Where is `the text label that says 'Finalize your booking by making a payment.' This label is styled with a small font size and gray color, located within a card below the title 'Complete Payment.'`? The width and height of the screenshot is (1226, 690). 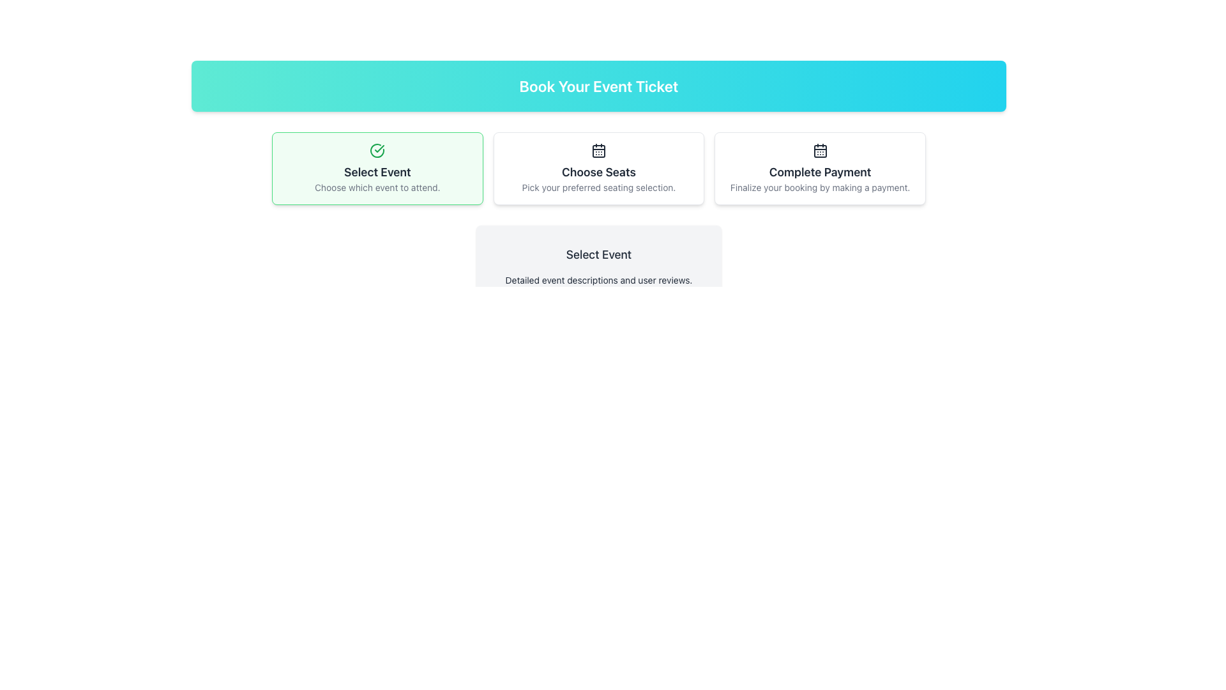 the text label that says 'Finalize your booking by making a payment.' This label is styled with a small font size and gray color, located within a card below the title 'Complete Payment.' is located at coordinates (820, 187).